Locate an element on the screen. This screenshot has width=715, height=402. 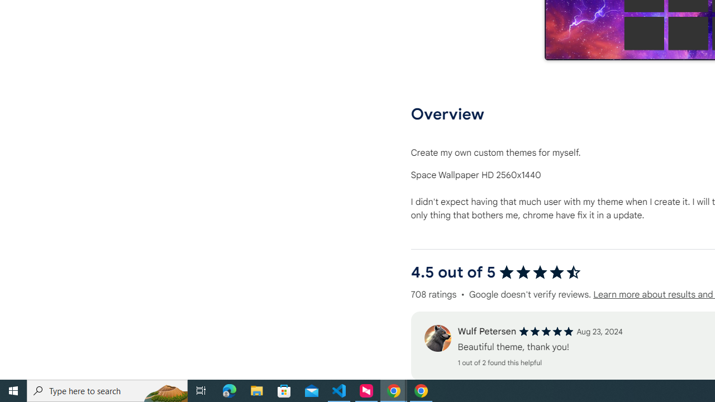
'Review' is located at coordinates (437, 338).